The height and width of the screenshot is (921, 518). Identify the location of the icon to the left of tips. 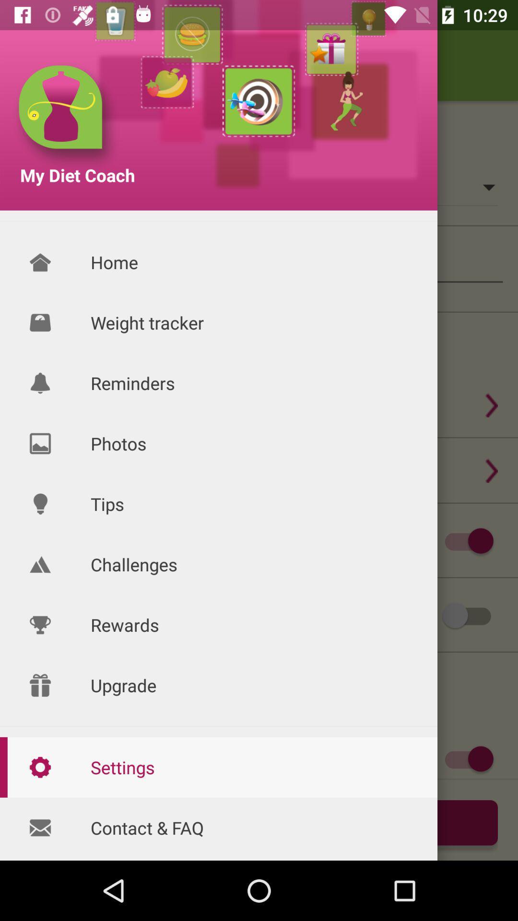
(40, 504).